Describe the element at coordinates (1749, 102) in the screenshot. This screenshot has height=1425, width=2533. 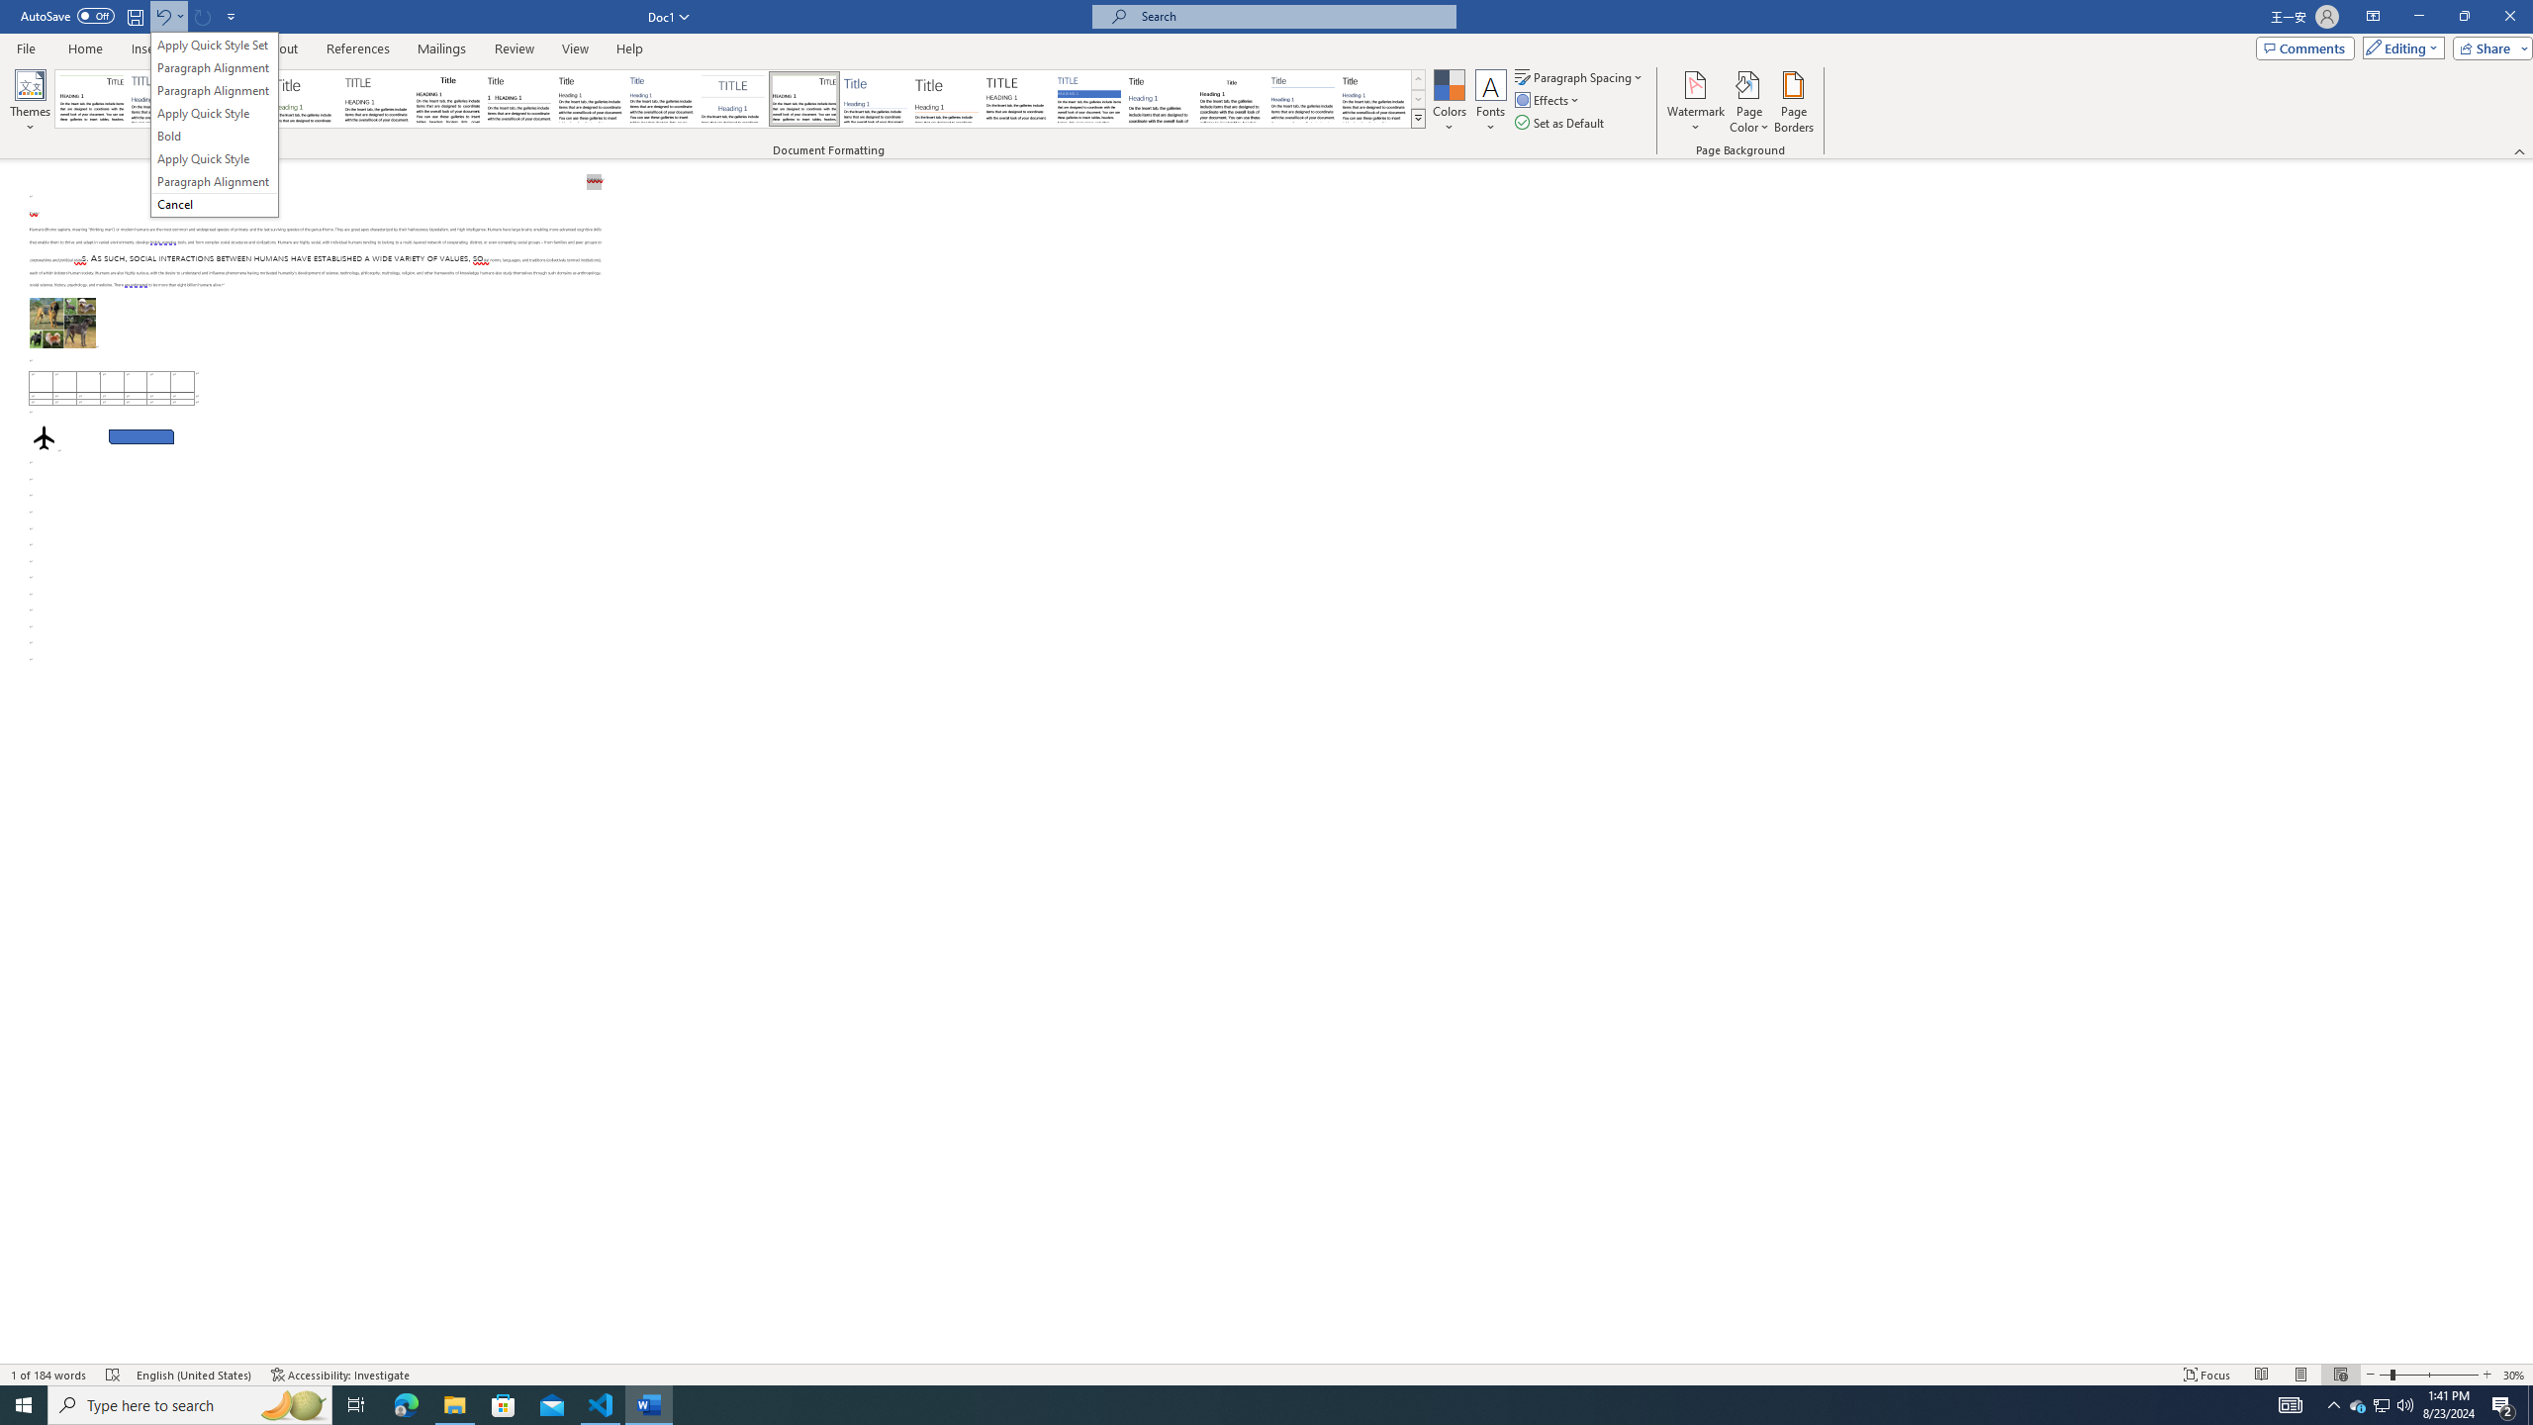
I see `'Page Color'` at that location.